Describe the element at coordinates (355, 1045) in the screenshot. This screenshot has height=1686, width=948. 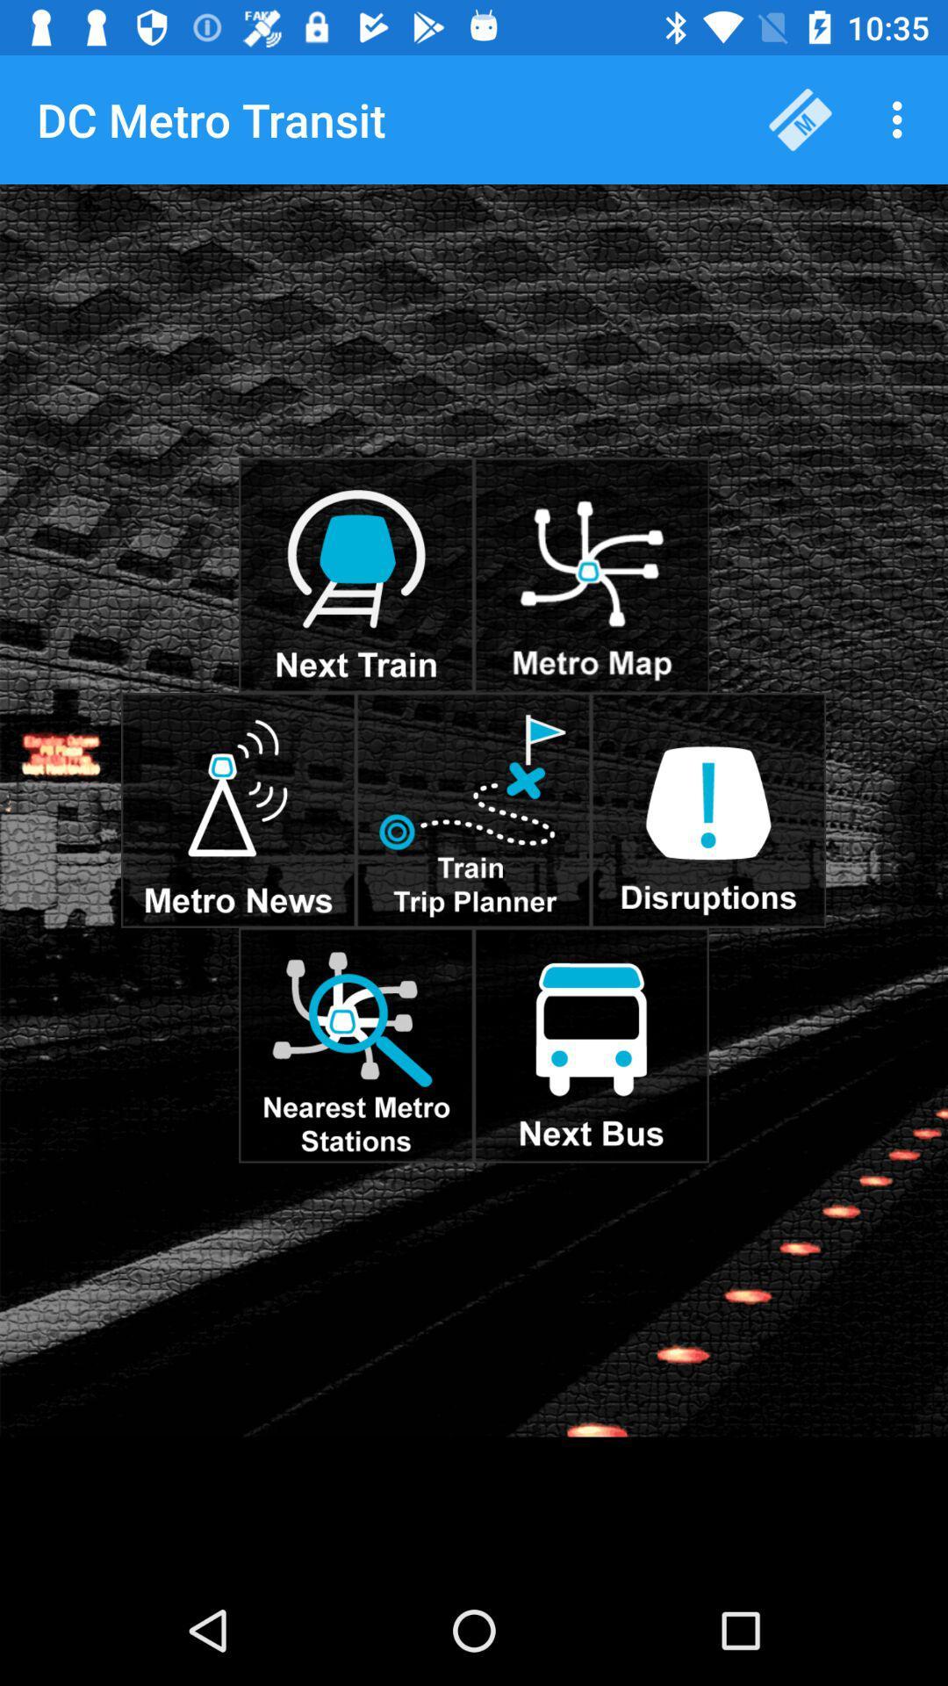
I see `check nearest metro stations` at that location.